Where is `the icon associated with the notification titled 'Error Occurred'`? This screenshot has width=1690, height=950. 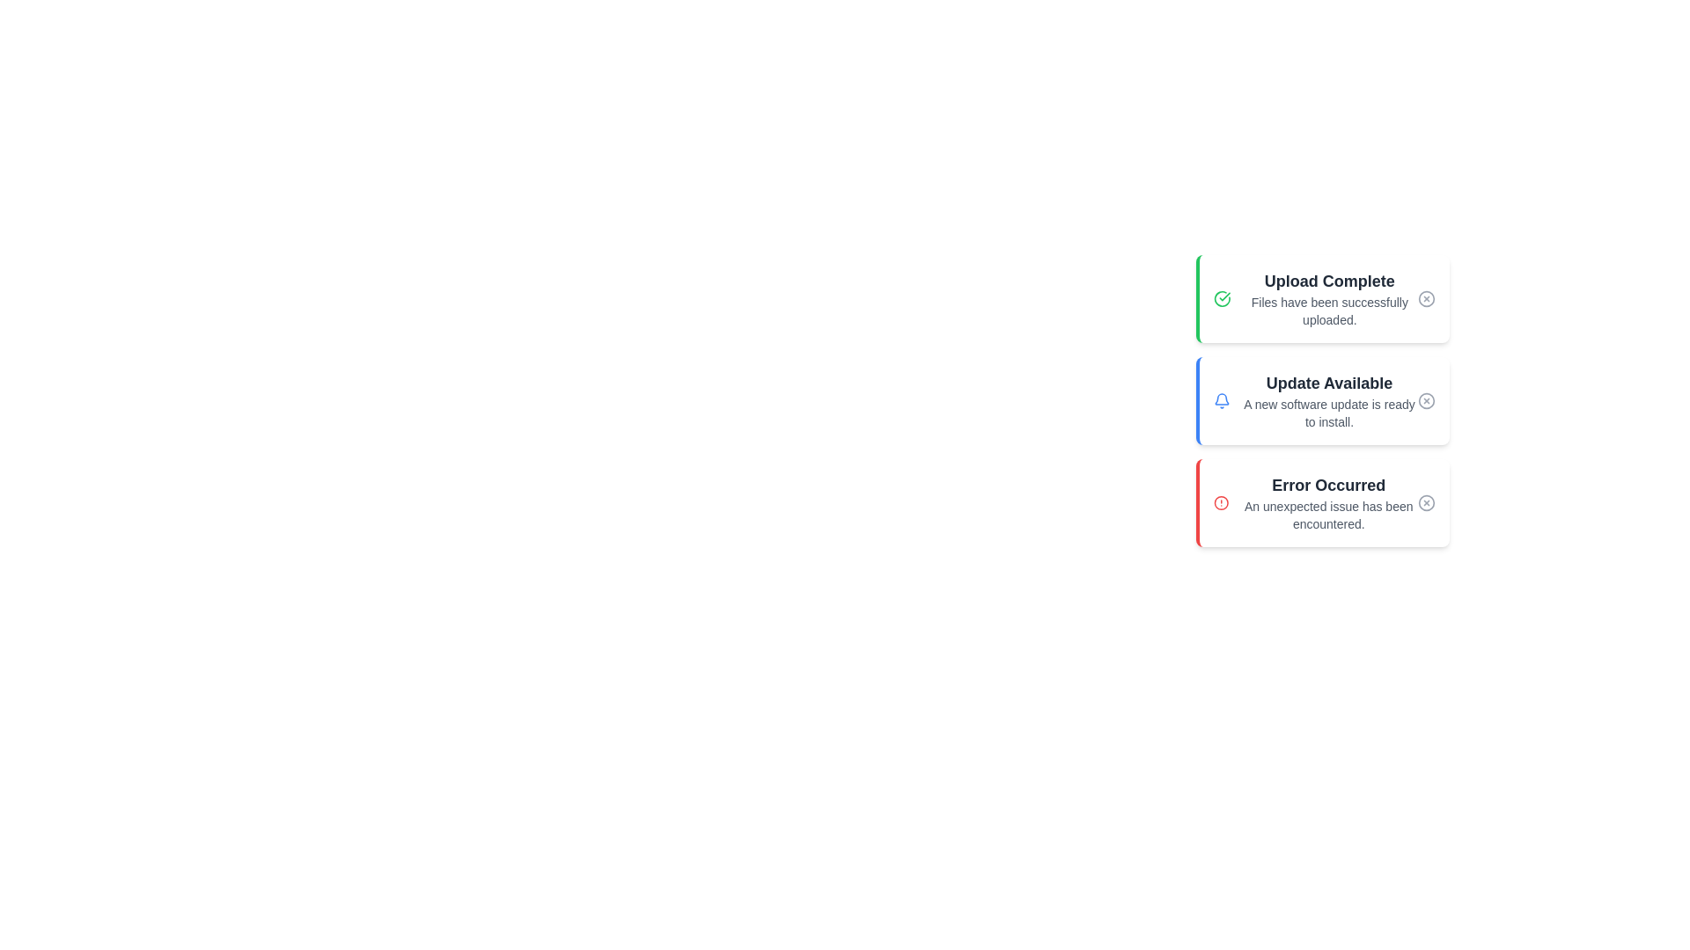 the icon associated with the notification titled 'Error Occurred' is located at coordinates (1220, 502).